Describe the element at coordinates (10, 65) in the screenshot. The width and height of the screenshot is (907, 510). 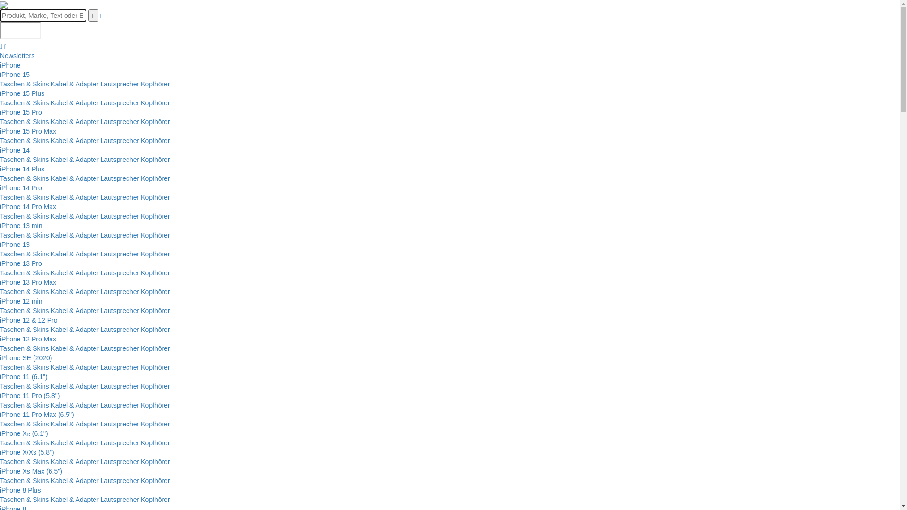
I see `'iPhone'` at that location.